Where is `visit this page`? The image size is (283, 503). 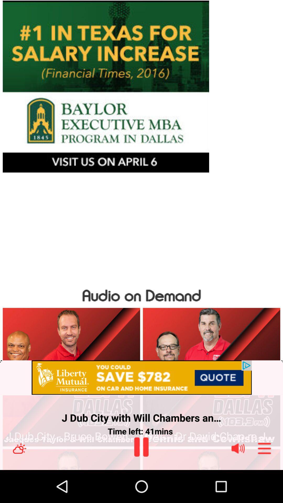 visit this page is located at coordinates (141, 86).